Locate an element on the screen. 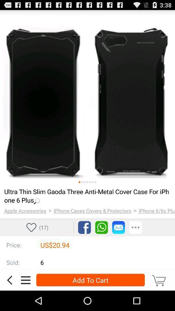 Image resolution: width=175 pixels, height=311 pixels. details about product is located at coordinates (25, 280).